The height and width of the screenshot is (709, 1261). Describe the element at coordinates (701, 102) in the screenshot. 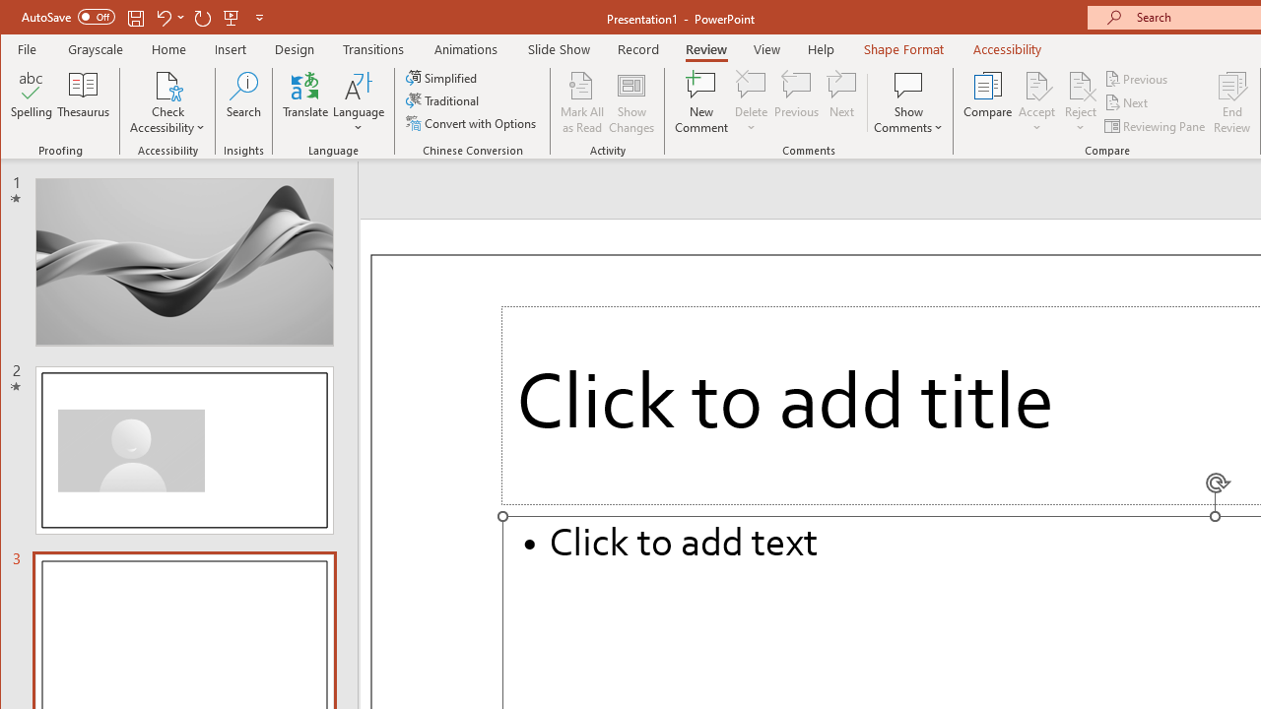

I see `'New Comment'` at that location.